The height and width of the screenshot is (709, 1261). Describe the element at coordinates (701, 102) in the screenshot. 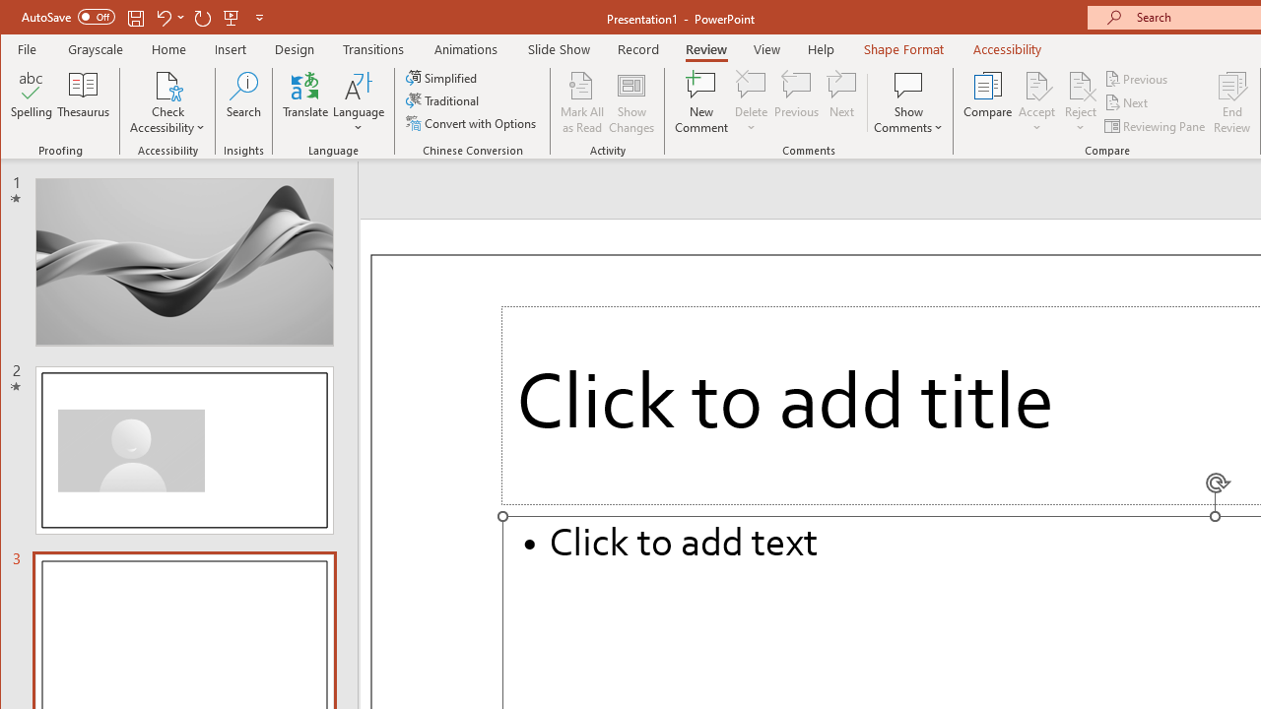

I see `'New Comment'` at that location.